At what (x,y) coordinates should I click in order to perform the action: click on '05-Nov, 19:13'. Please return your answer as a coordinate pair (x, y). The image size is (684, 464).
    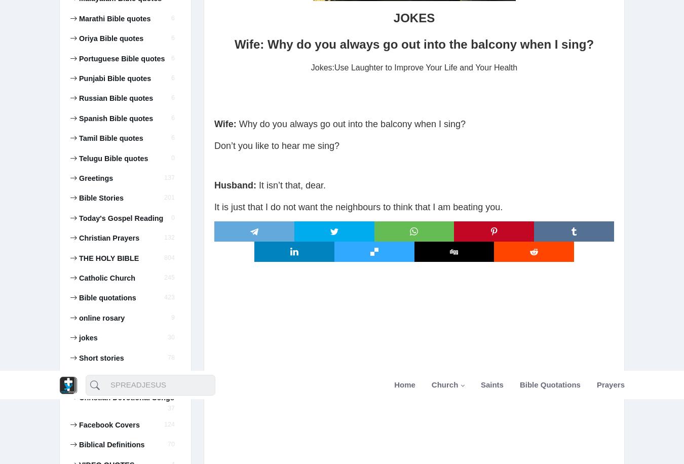
    Looking at the image, I should click on (97, 177).